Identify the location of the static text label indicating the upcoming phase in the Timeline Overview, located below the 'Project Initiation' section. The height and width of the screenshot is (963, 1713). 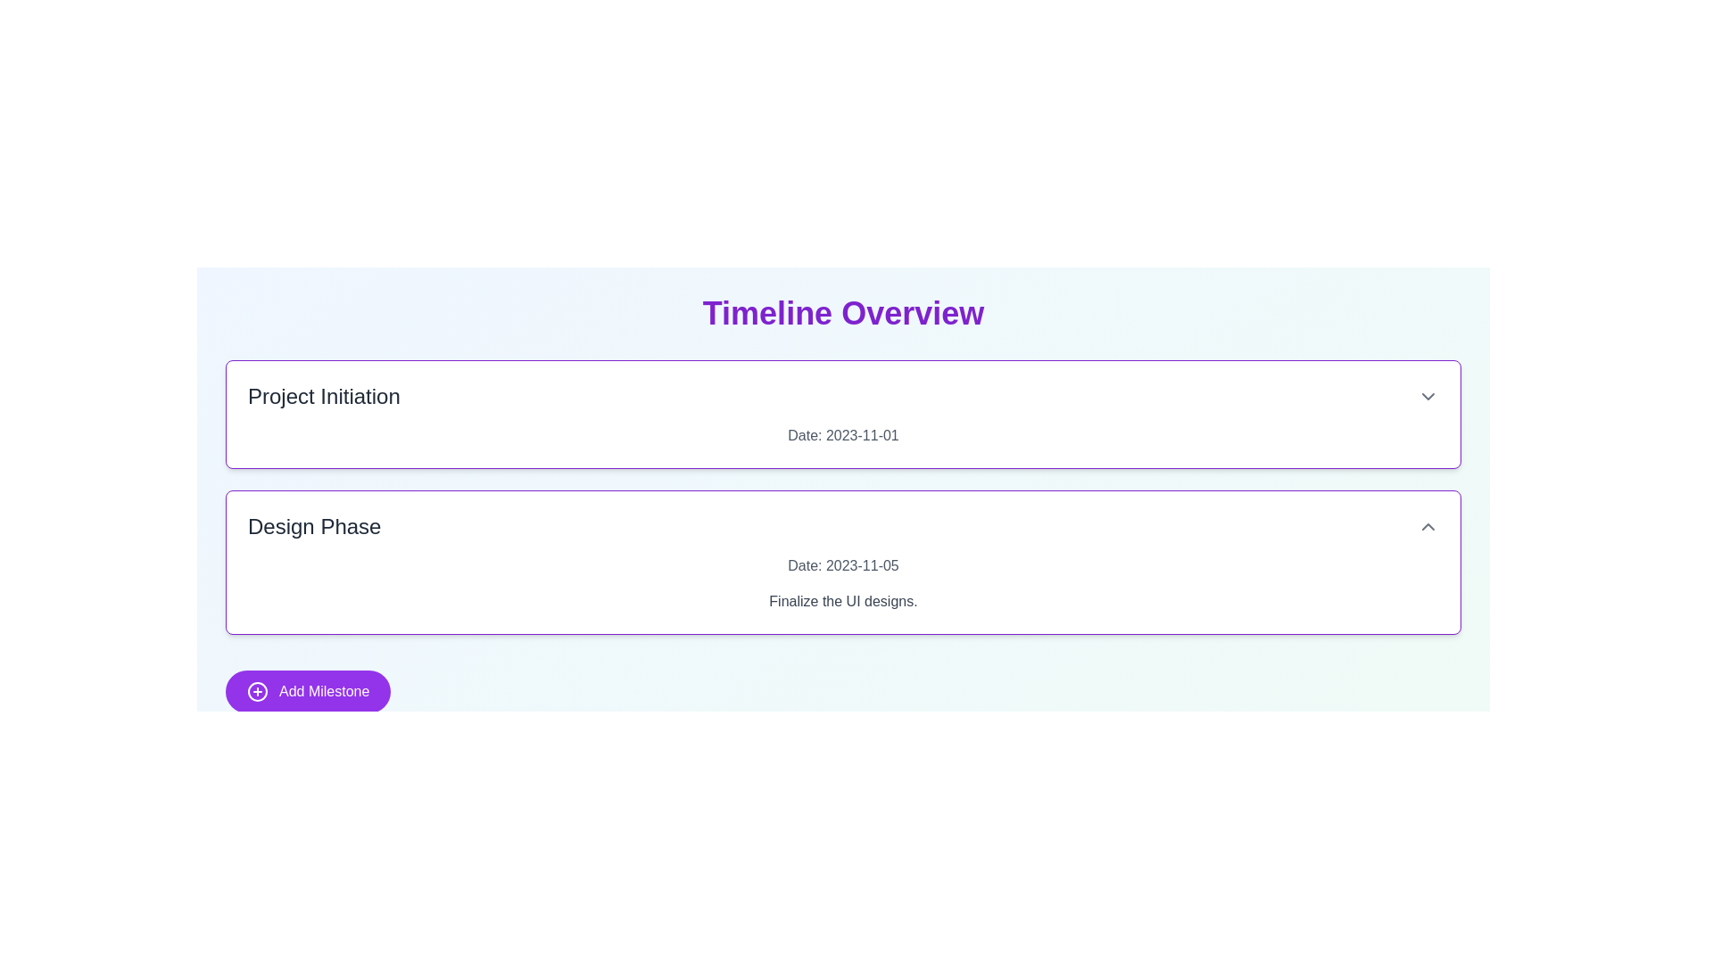
(314, 525).